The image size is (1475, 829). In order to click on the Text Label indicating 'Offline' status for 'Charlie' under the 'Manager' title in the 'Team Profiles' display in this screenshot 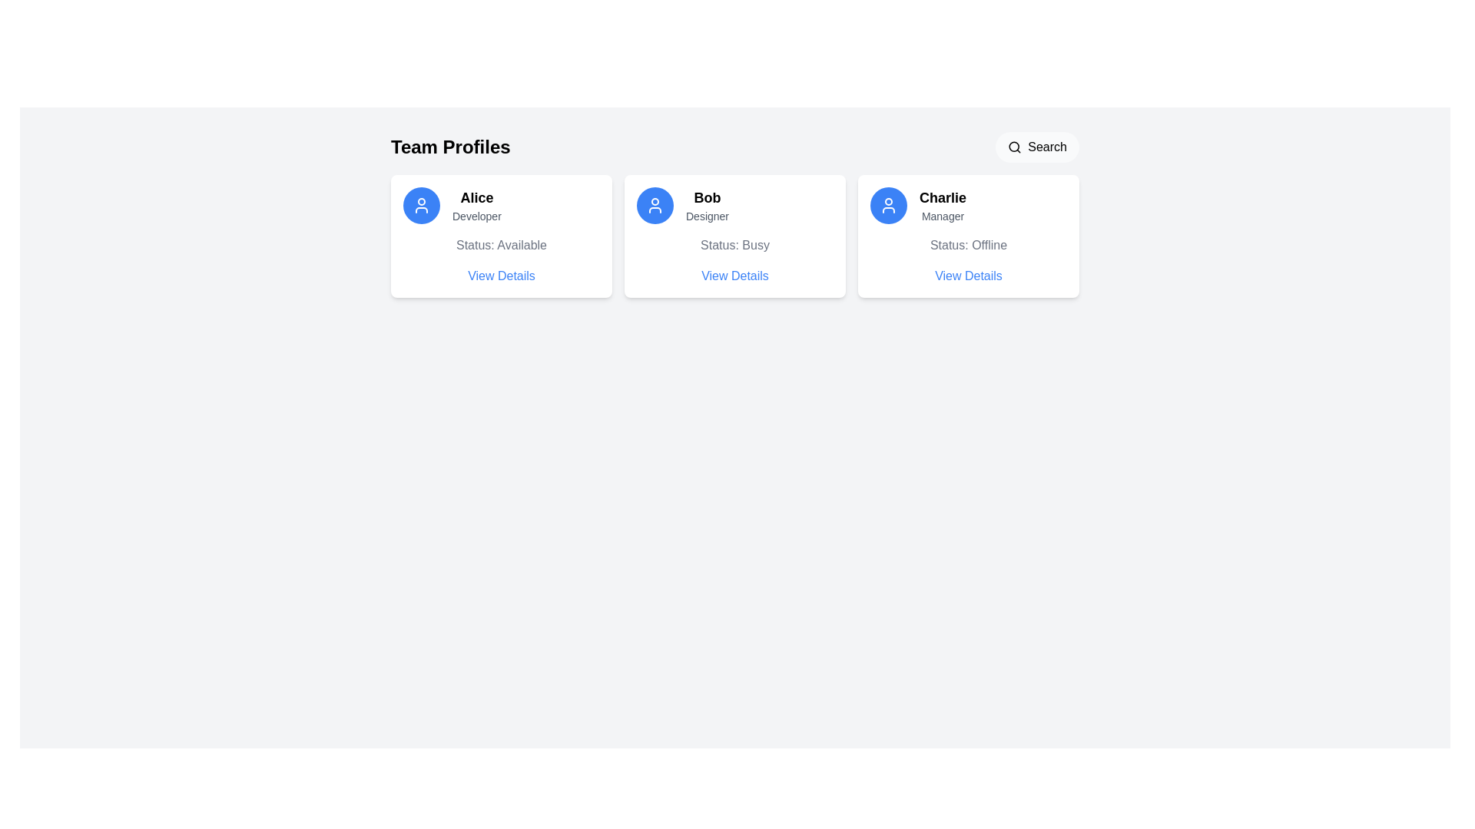, I will do `click(968, 245)`.